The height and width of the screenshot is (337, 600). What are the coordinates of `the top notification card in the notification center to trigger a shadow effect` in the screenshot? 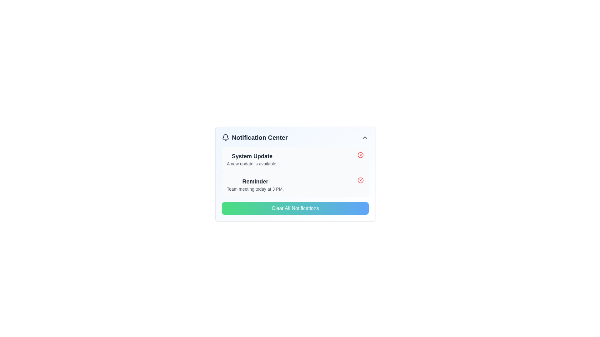 It's located at (295, 159).